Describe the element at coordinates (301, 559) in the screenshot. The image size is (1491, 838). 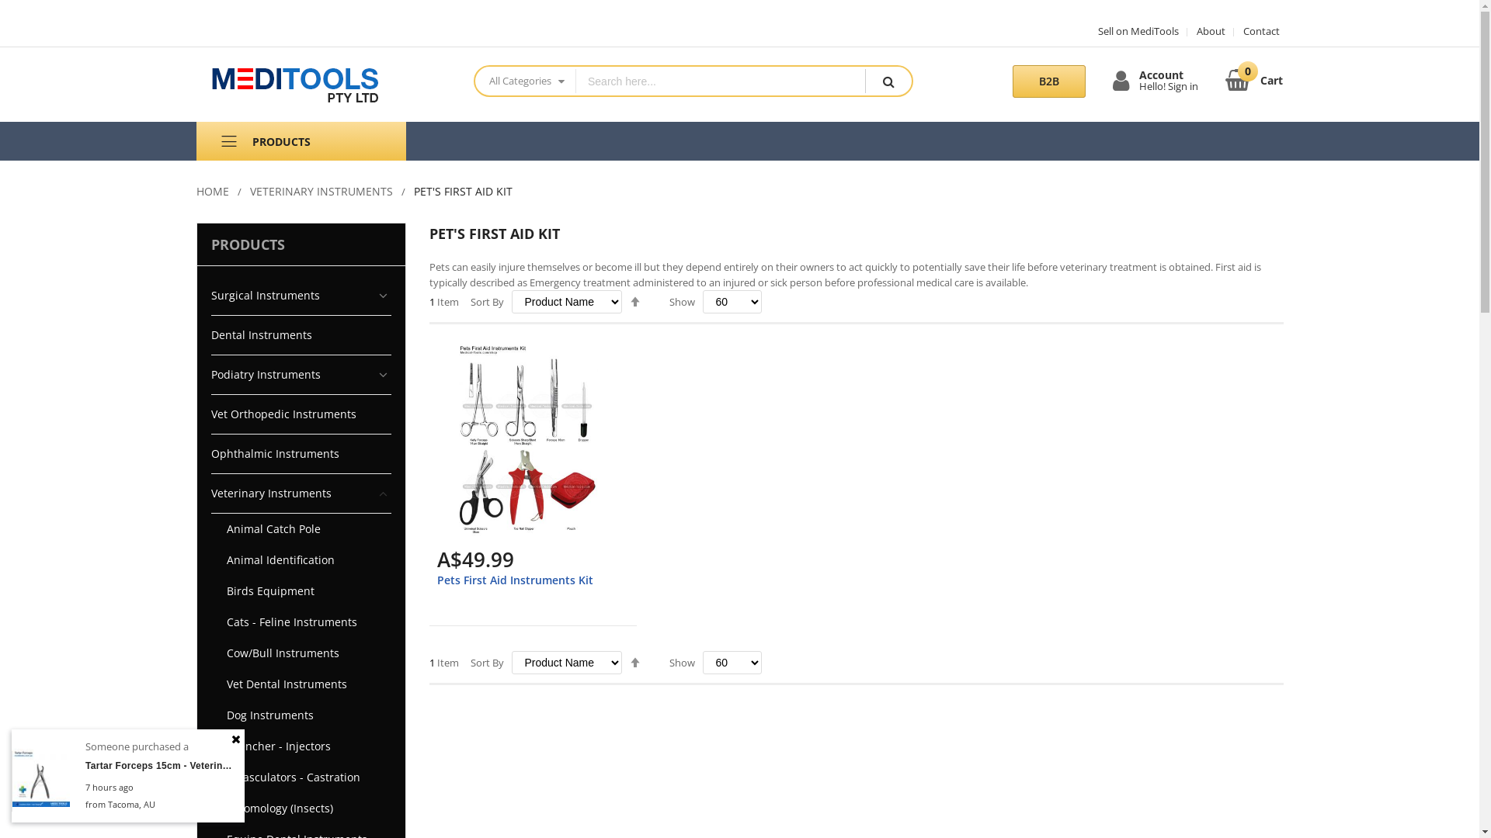
I see `'Animal Identification'` at that location.